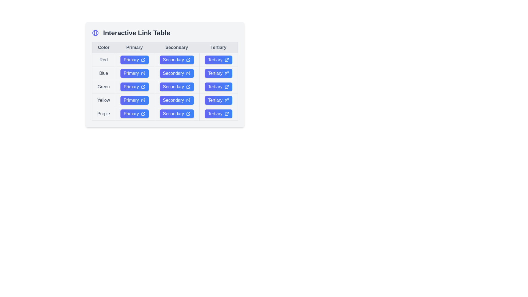  Describe the element at coordinates (227, 100) in the screenshot. I see `the icon located inside the 'Tertiary' button of the 'Interactive Link Table' in the 'Yellow' row, positioned on the right side of the button's text` at that location.